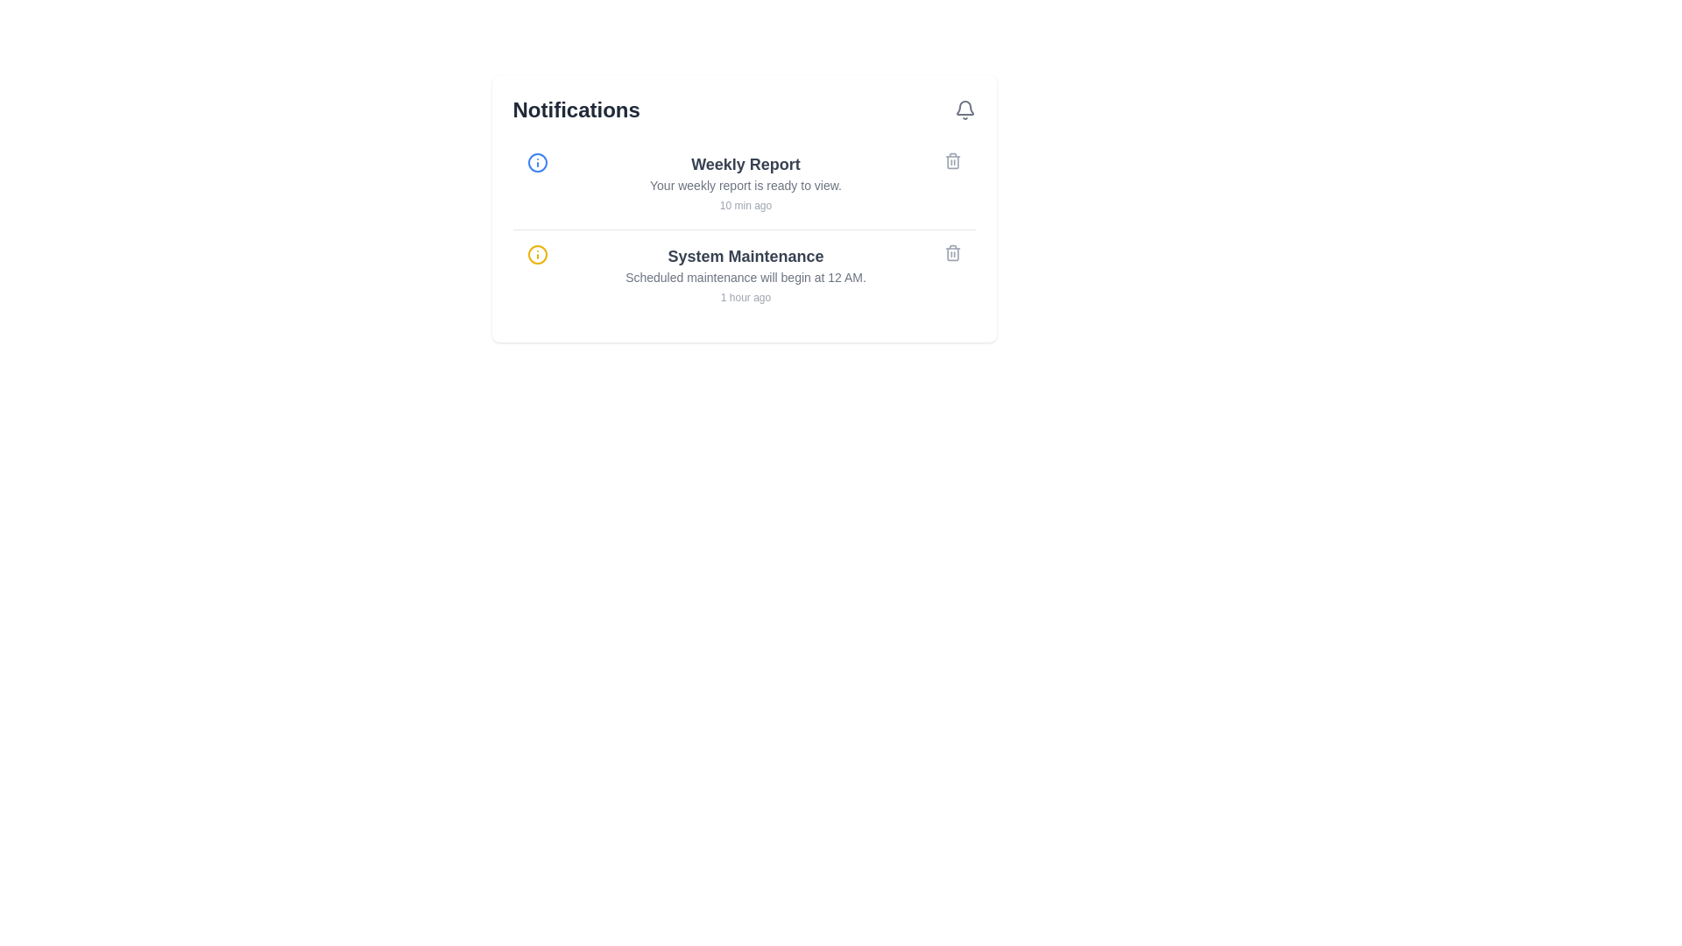  Describe the element at coordinates (964, 108) in the screenshot. I see `the bell icon representing notifications, which is a grey vector graphic with rounded edges located in the upper-right corner of the interface` at that location.